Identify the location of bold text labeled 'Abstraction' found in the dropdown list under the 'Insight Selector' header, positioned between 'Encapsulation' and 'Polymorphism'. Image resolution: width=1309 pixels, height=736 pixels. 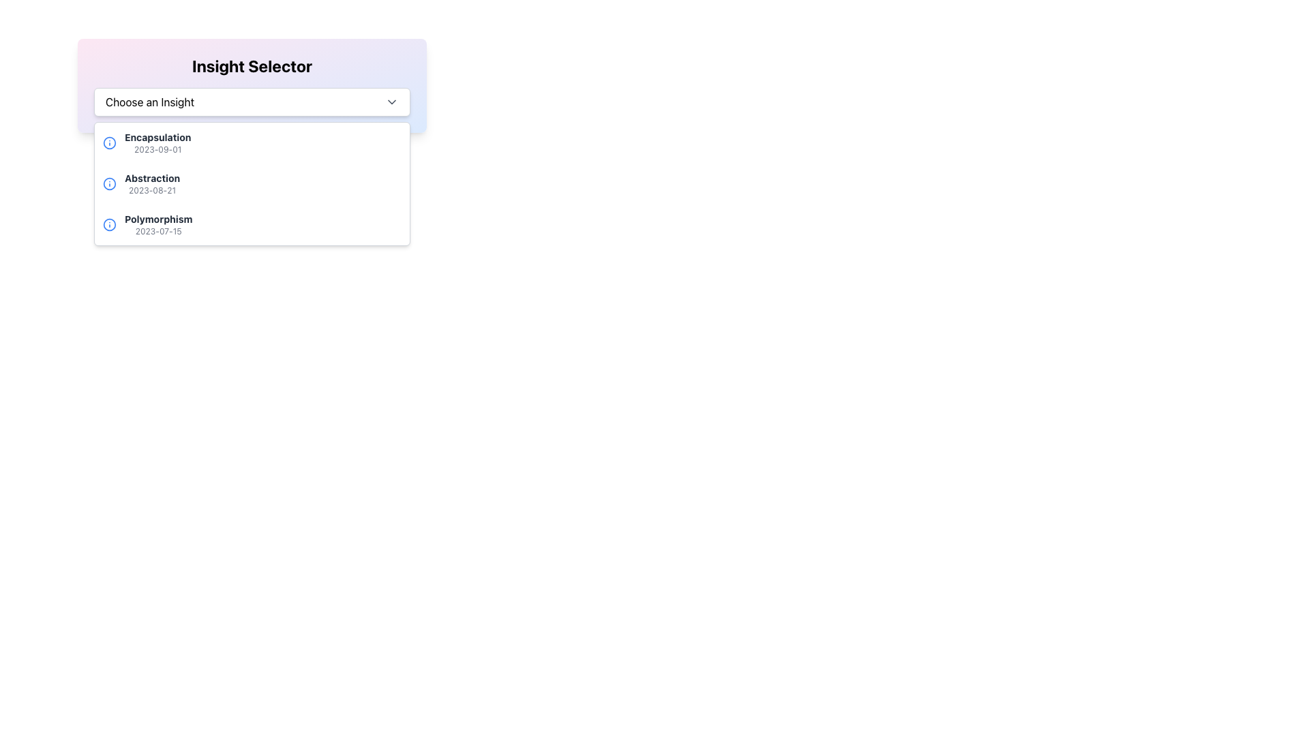
(152, 178).